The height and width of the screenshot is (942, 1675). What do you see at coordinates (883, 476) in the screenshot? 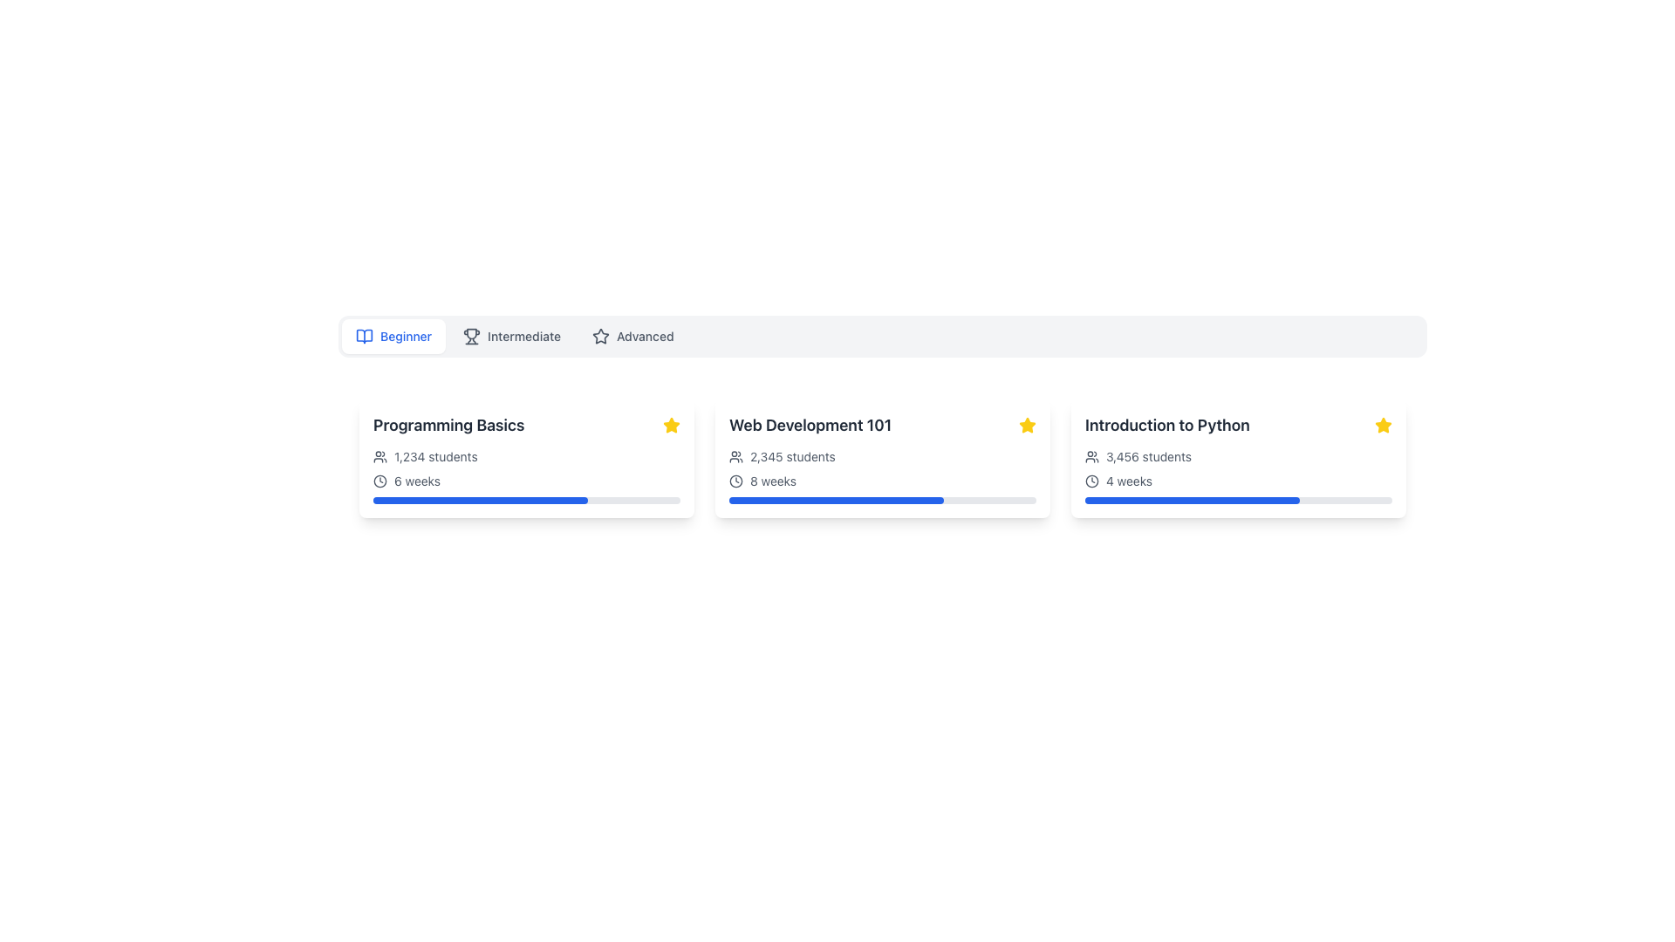
I see `the icons for context in the informational text block that displays '2,345 students' and '8 weeks' under the 'Web Development 101' card` at bounding box center [883, 476].